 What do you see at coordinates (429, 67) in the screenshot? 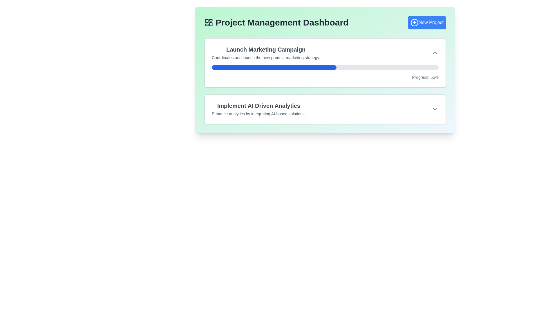
I see `progress` at bounding box center [429, 67].